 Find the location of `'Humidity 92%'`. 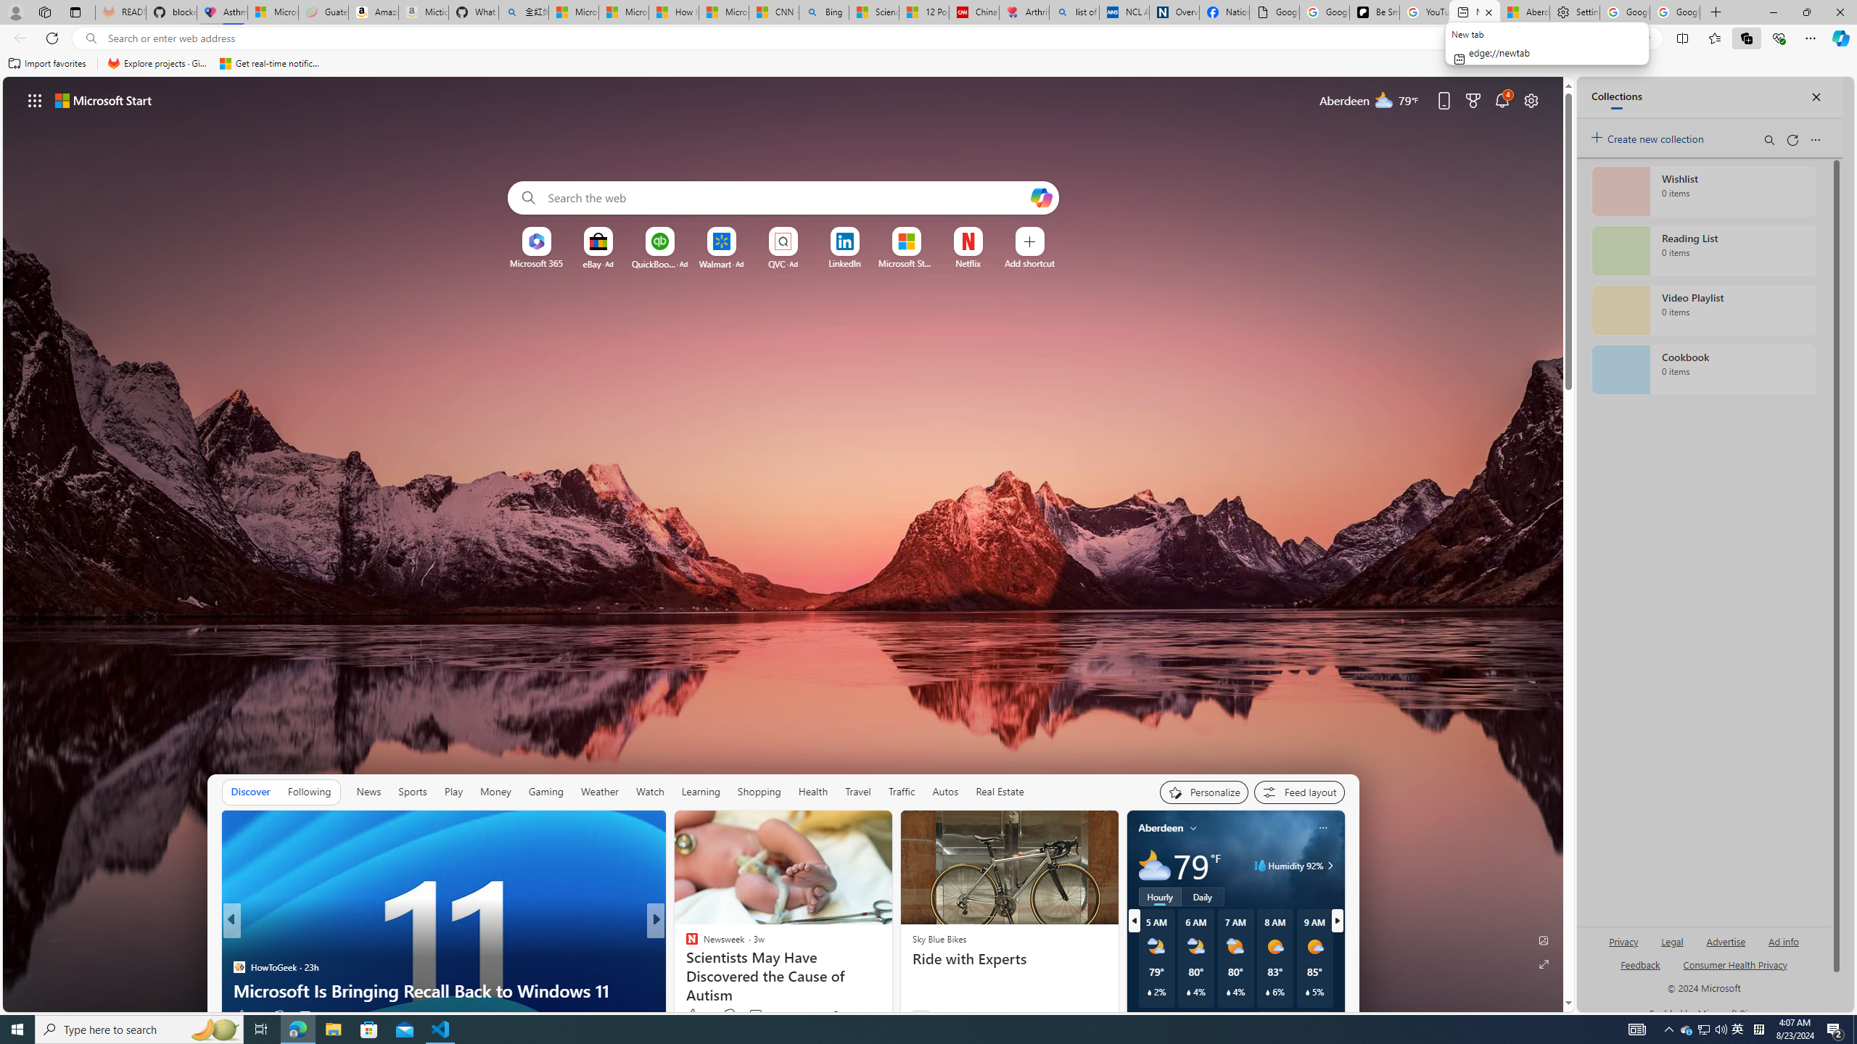

'Humidity 92%' is located at coordinates (1327, 864).